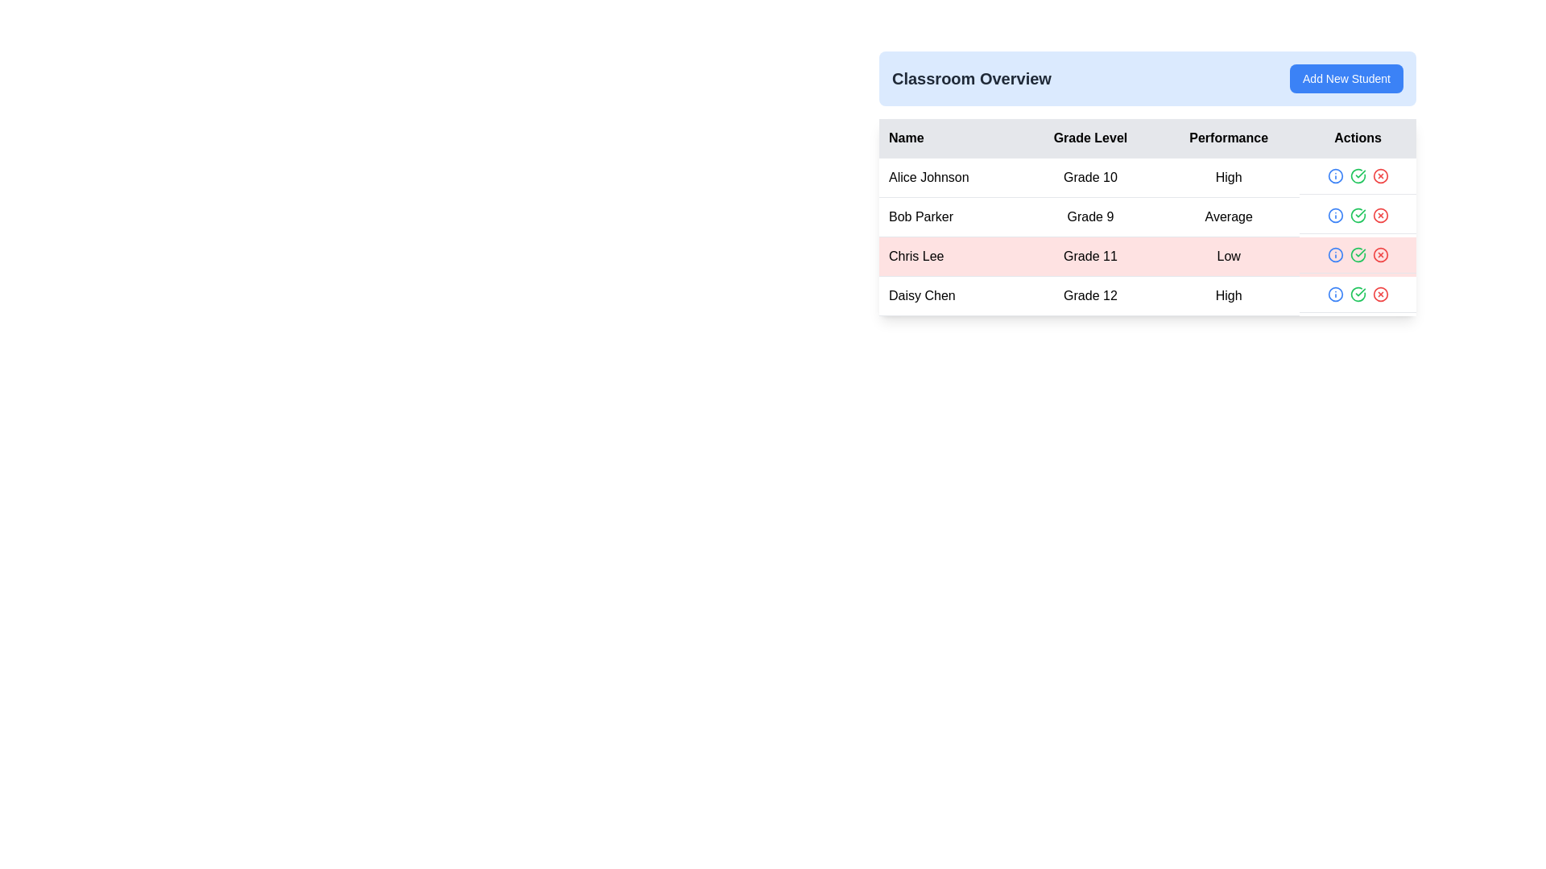  I want to click on the circular red stroke button with a cross inside, located in the 'Actions' column of the table aligned with the row labeled 'Chris Lee', to trigger a tooltip or visual change, so click(1379, 253).